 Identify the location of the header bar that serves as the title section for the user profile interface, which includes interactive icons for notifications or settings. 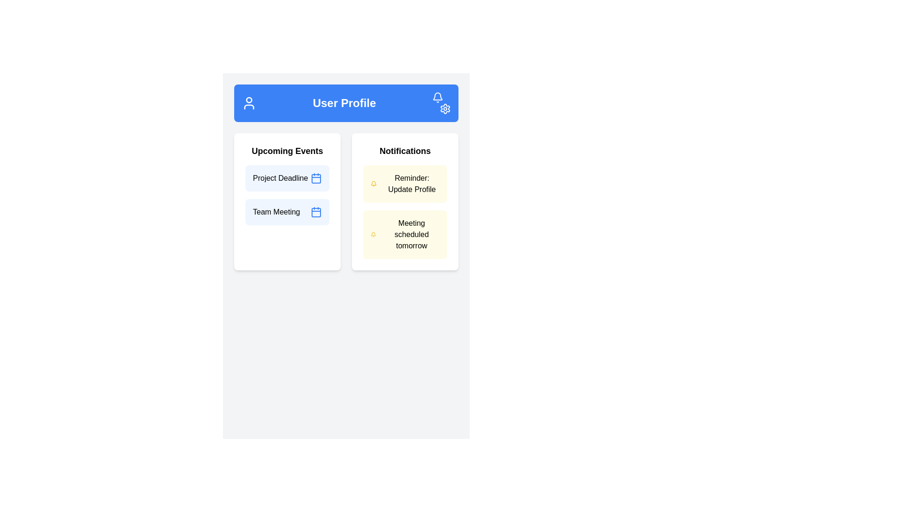
(346, 103).